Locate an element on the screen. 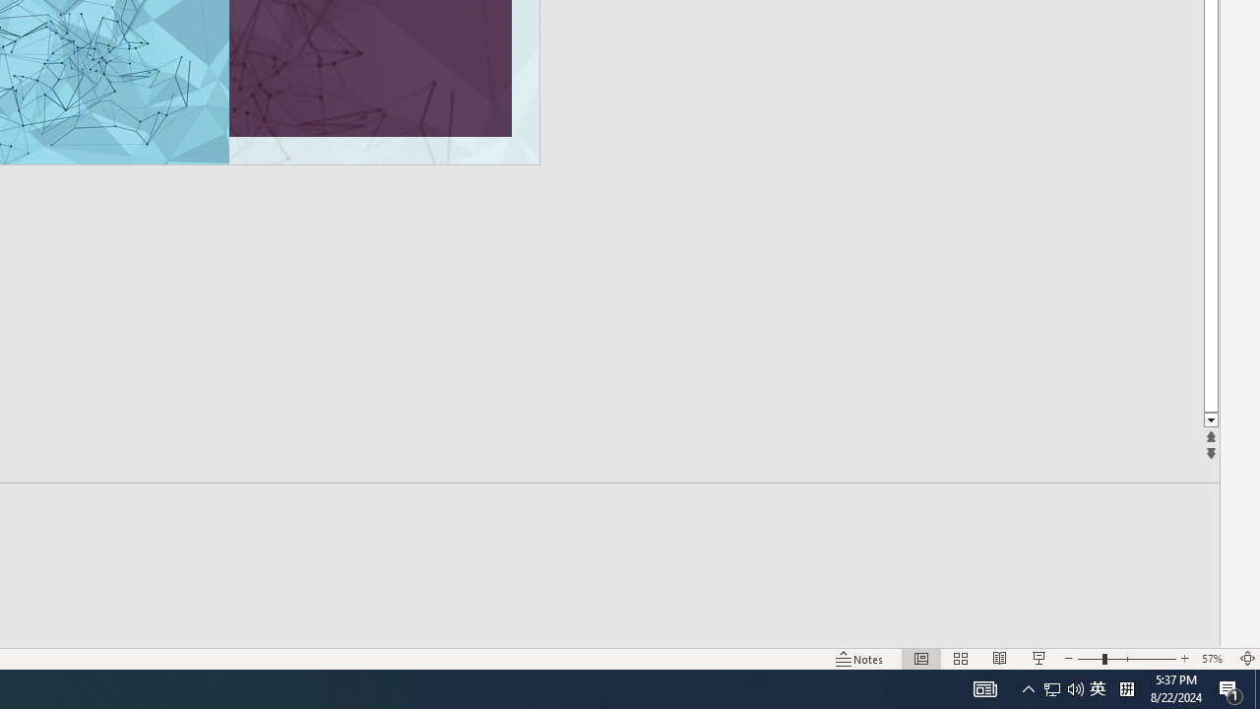 This screenshot has width=1260, height=709. 'User Promoted Notification Area' is located at coordinates (1062, 687).